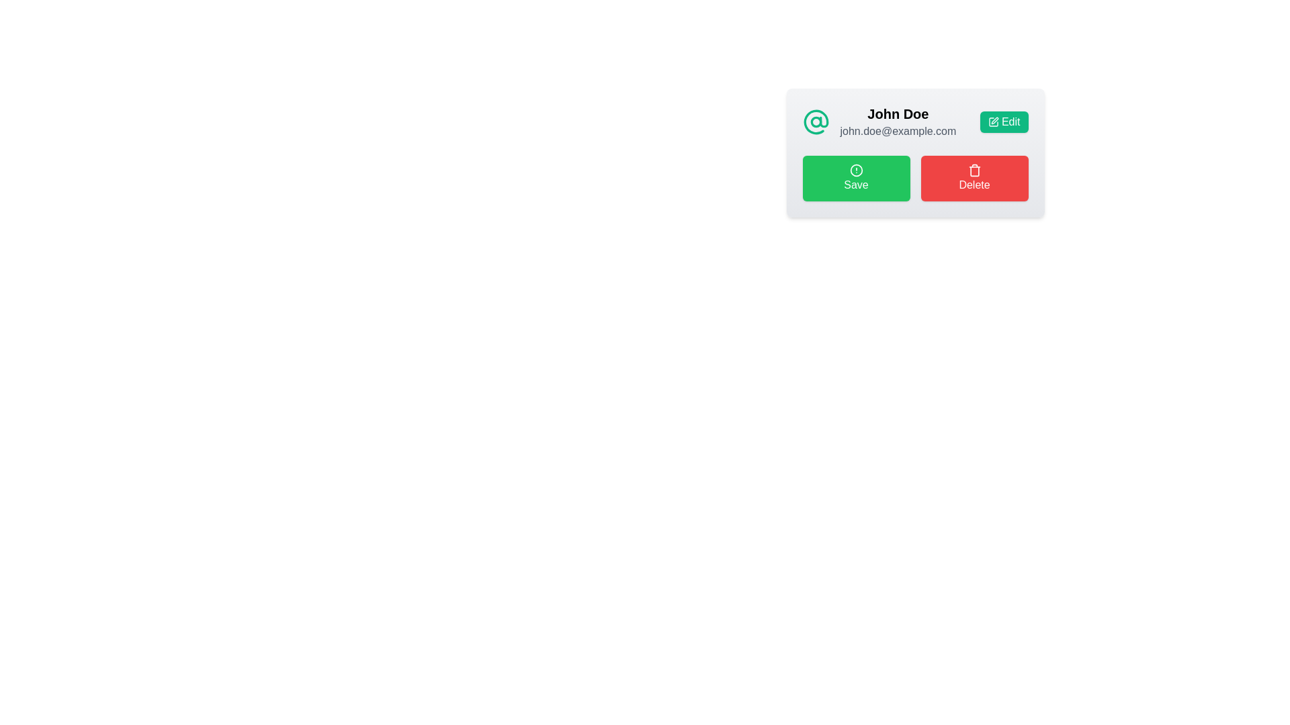 This screenshot has width=1290, height=725. What do you see at coordinates (974, 170) in the screenshot?
I see `the delete icon located centrally within the red 'Delete' button on the user info card, which is positioned to the right of the green 'Save' button` at bounding box center [974, 170].